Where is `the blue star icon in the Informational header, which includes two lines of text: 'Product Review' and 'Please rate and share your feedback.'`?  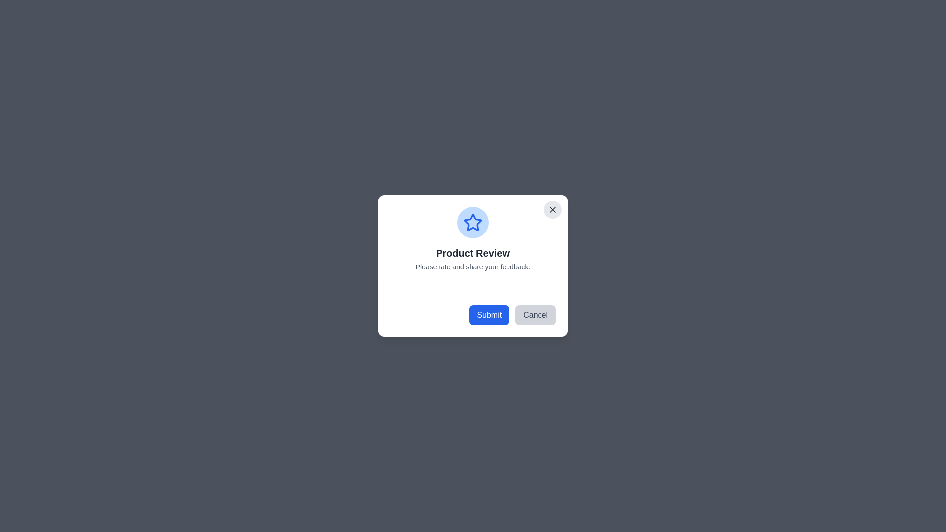 the blue star icon in the Informational header, which includes two lines of text: 'Product Review' and 'Please rate and share your feedback.' is located at coordinates (473, 239).